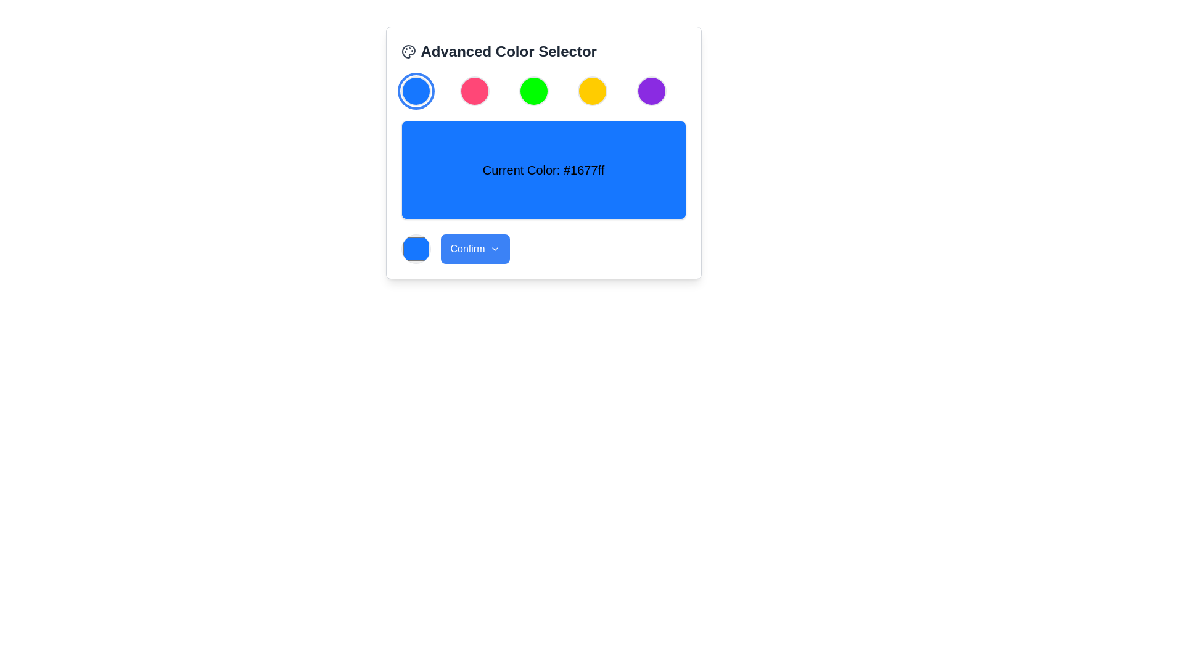 The height and width of the screenshot is (666, 1184). I want to click on the circular yellow button, which is the fourth button from the left in a row of five, positioned above the 'Current Color' box, to visualize the tooltip or effects, so click(593, 90).